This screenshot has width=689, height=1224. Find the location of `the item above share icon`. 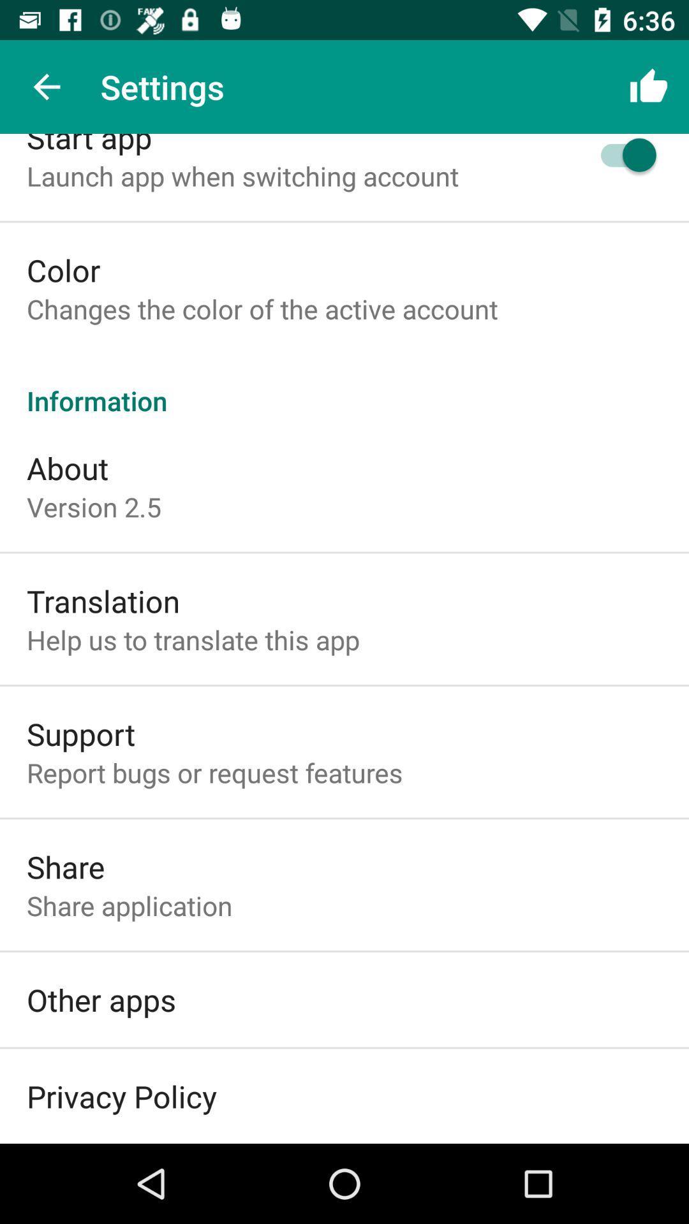

the item above share icon is located at coordinates (214, 771).